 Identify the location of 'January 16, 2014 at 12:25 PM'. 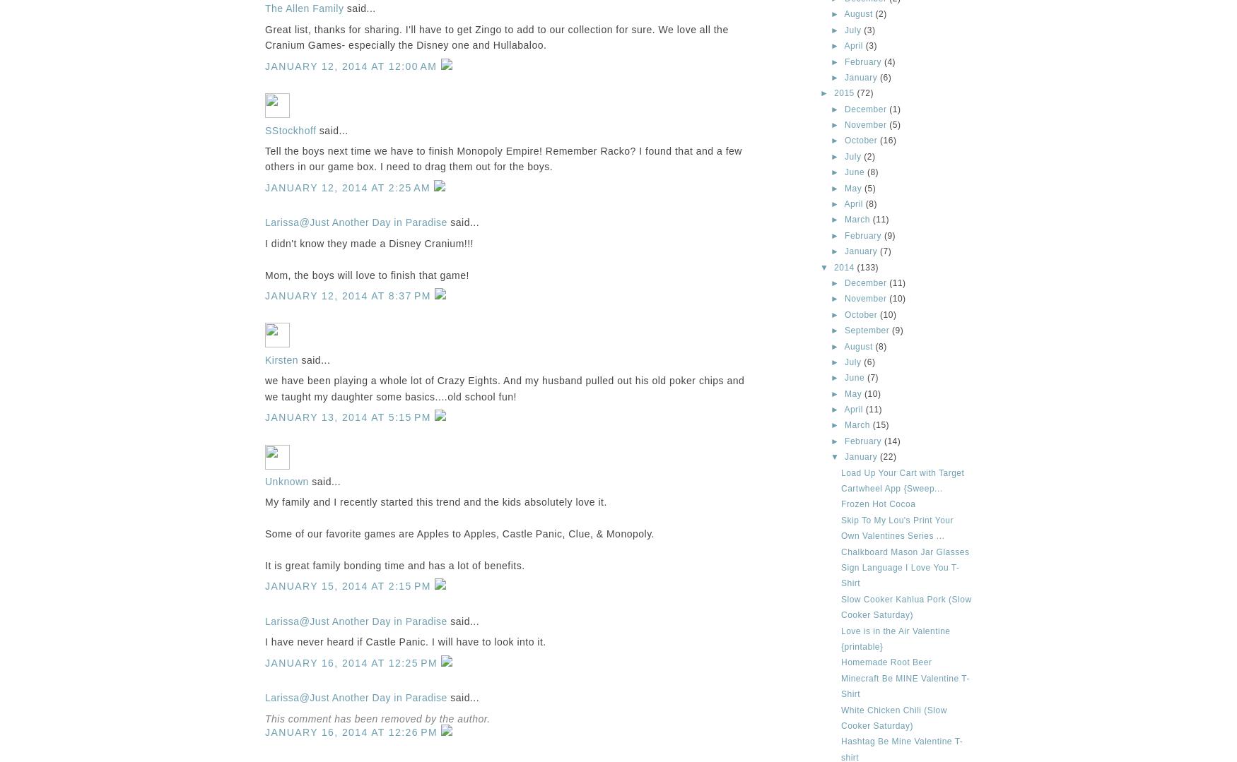
(353, 662).